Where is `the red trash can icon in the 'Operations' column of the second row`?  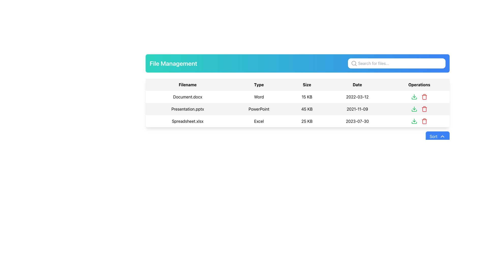
the red trash can icon in the 'Operations' column of the second row is located at coordinates (424, 109).